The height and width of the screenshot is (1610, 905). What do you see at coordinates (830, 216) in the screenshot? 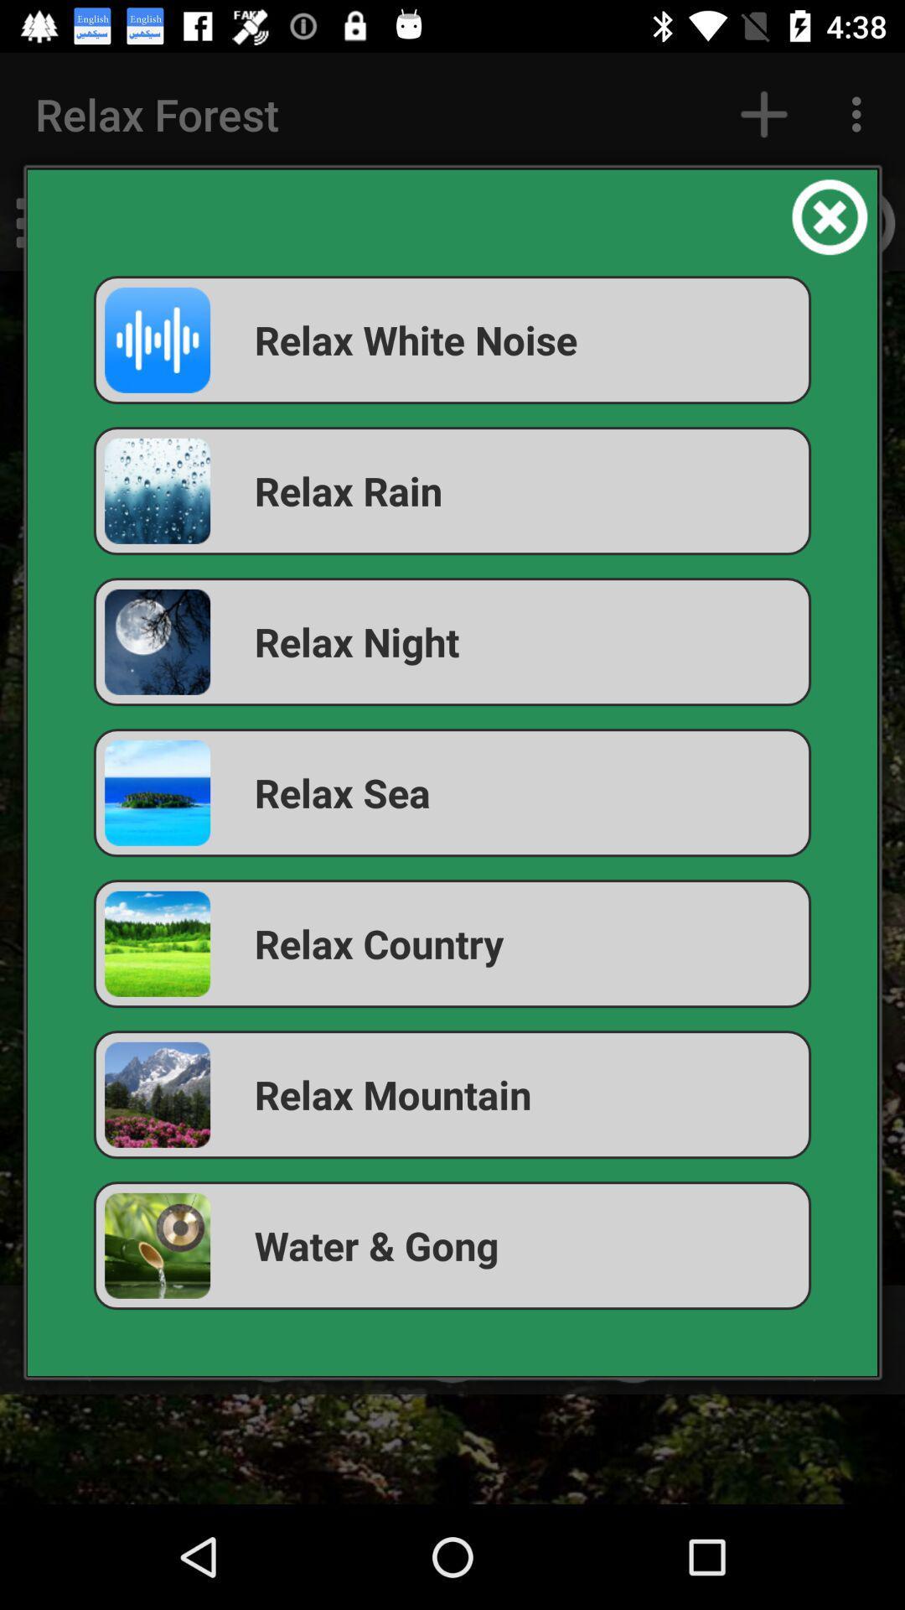
I see `the item above the relax white noise app` at bounding box center [830, 216].